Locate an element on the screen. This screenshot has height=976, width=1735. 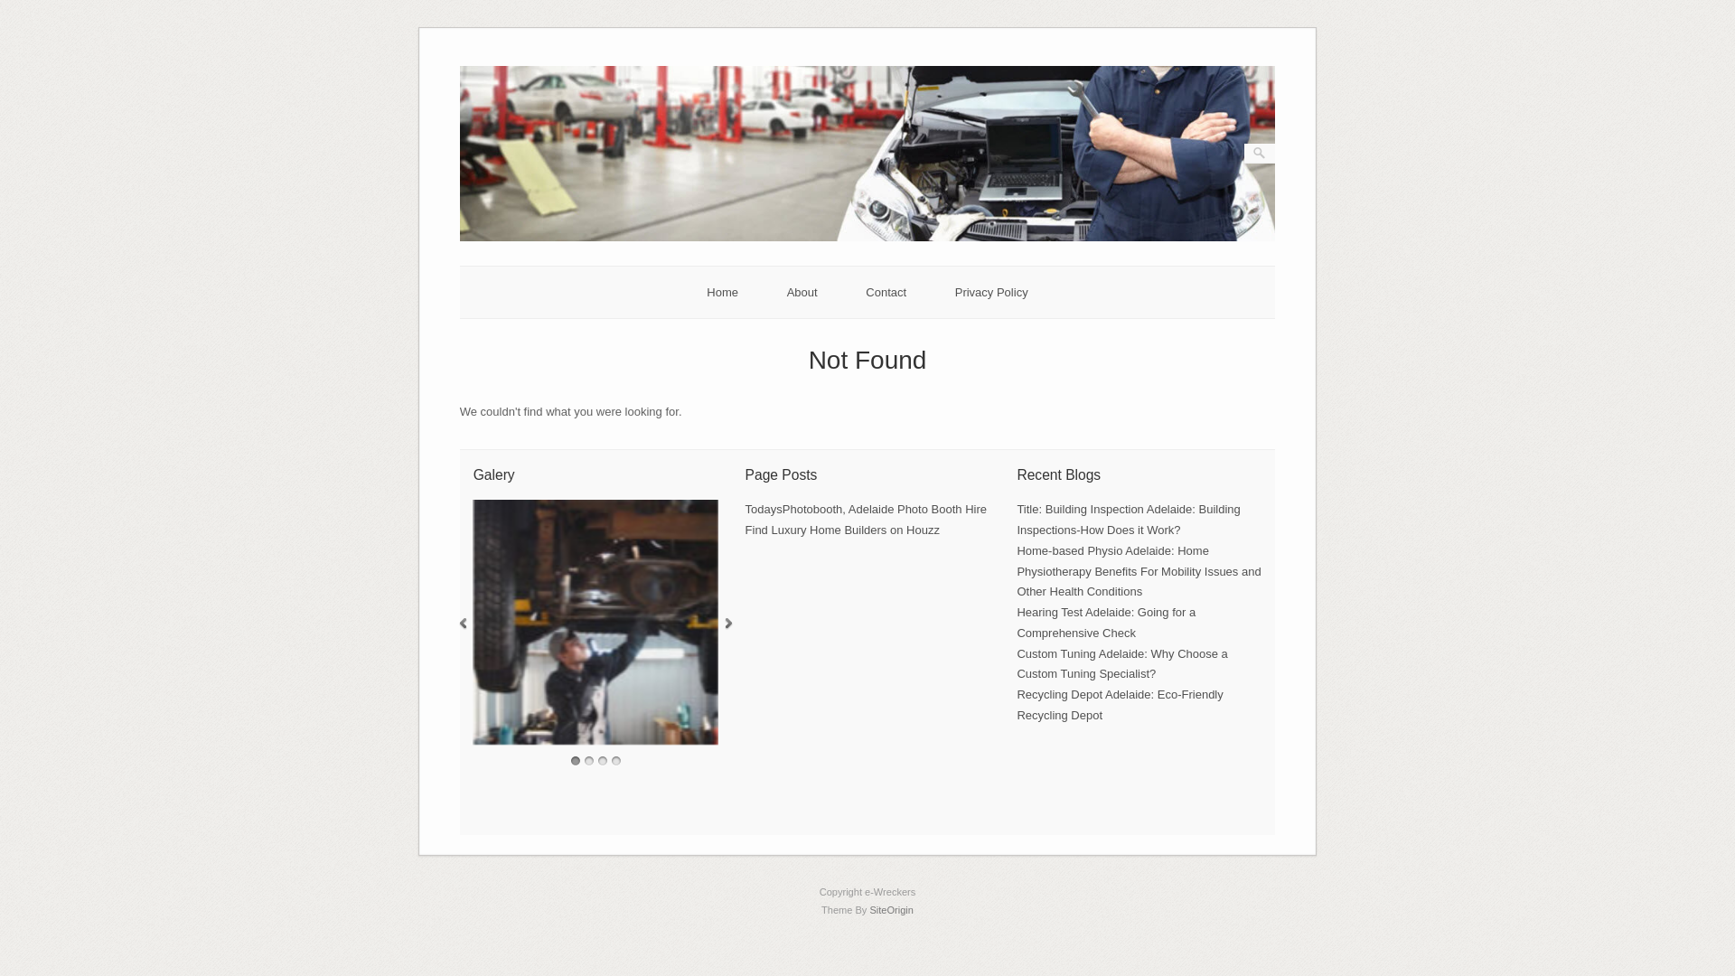
'Home' is located at coordinates (721, 291).